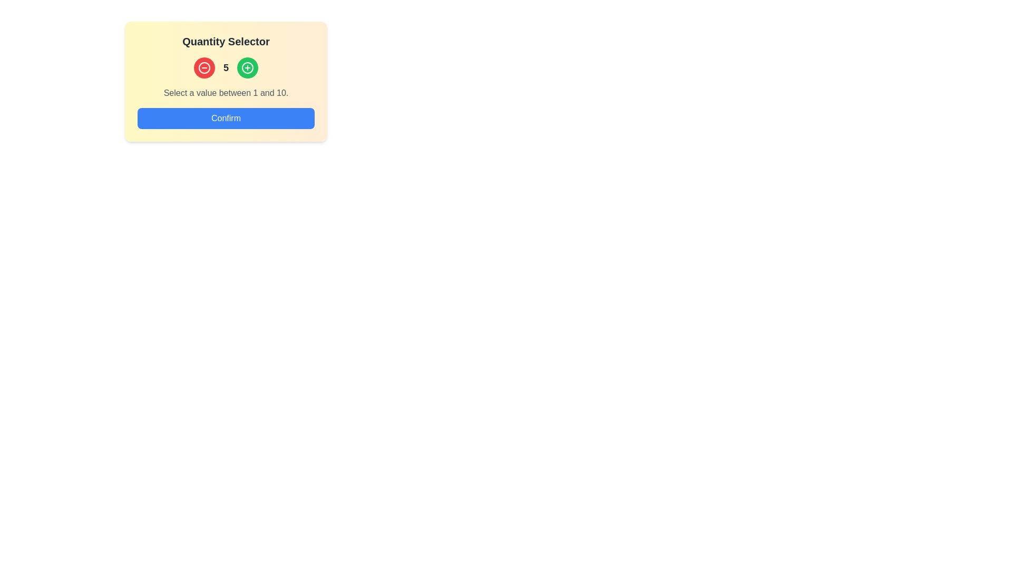 This screenshot has height=569, width=1012. I want to click on the decrement button located to the left of the number '5' to decrement the displayed numeric value, so click(205, 67).